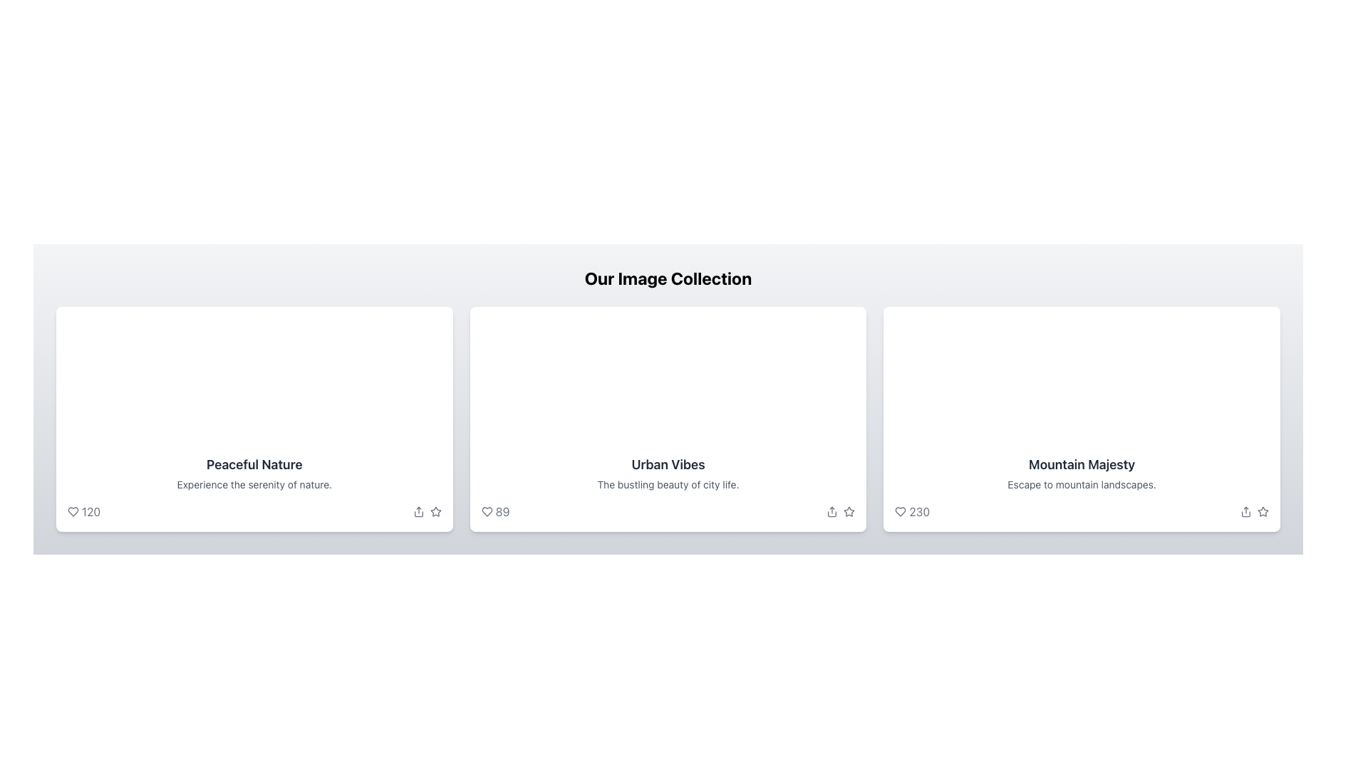  Describe the element at coordinates (435, 511) in the screenshot. I see `the star icon located at the bottom-right corner of the 'Peaceful Nature' card` at that location.